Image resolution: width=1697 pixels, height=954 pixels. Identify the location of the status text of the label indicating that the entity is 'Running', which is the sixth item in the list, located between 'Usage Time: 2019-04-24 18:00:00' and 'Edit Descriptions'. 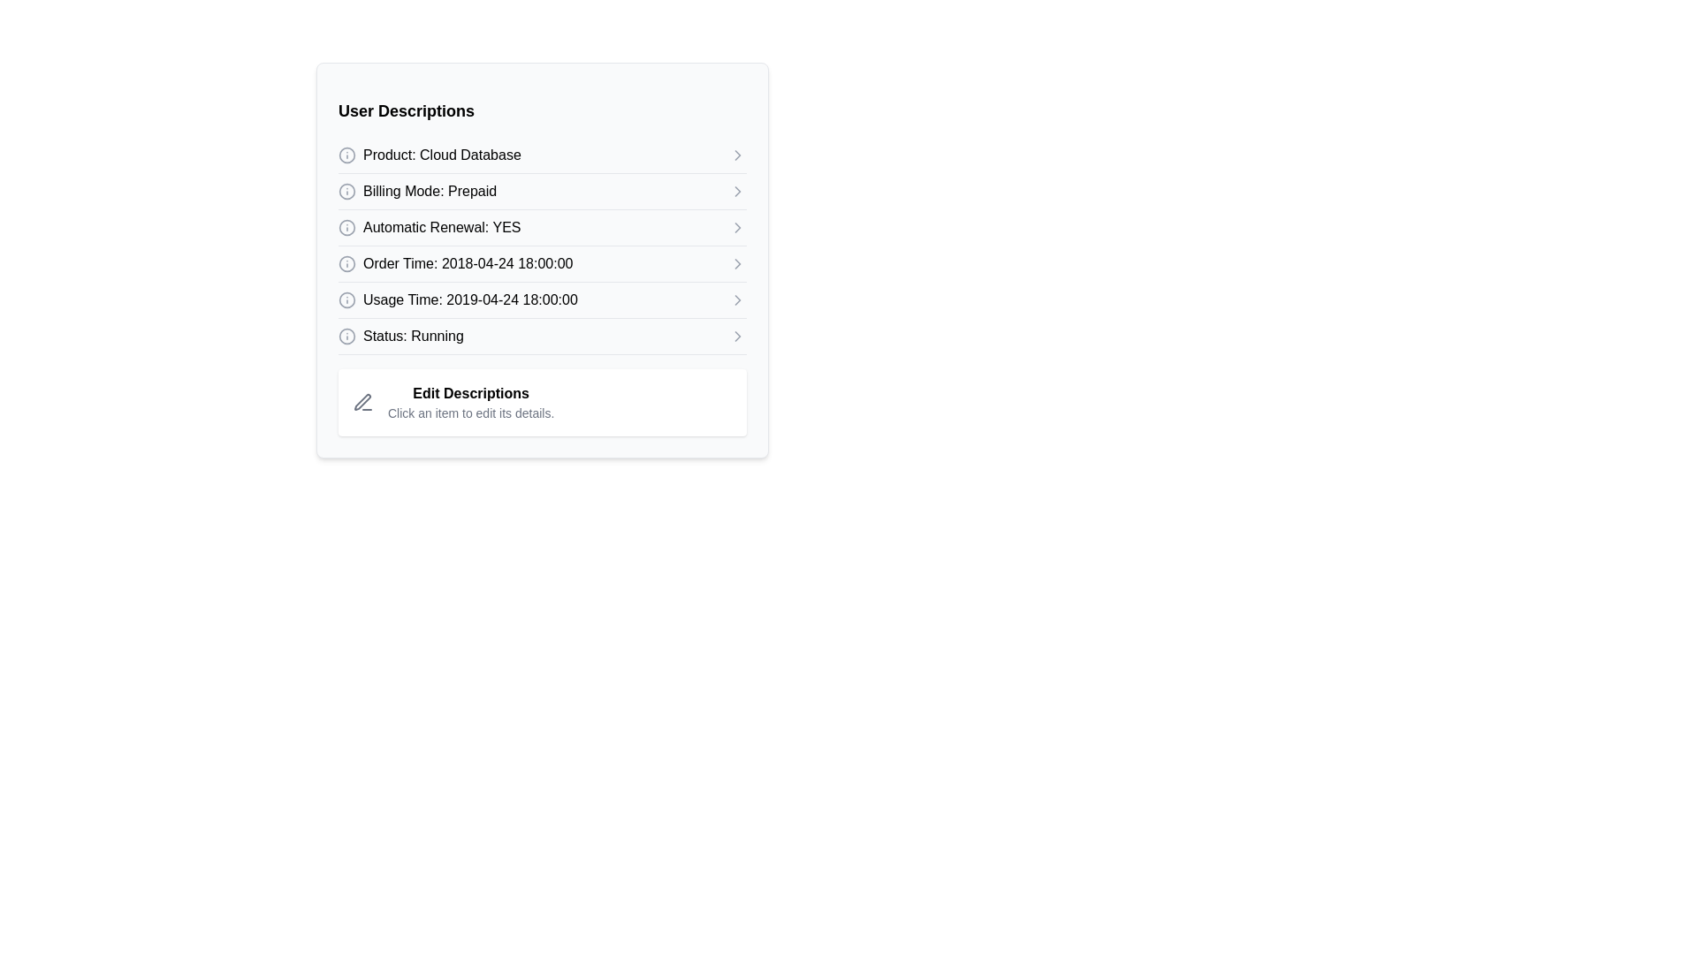
(400, 337).